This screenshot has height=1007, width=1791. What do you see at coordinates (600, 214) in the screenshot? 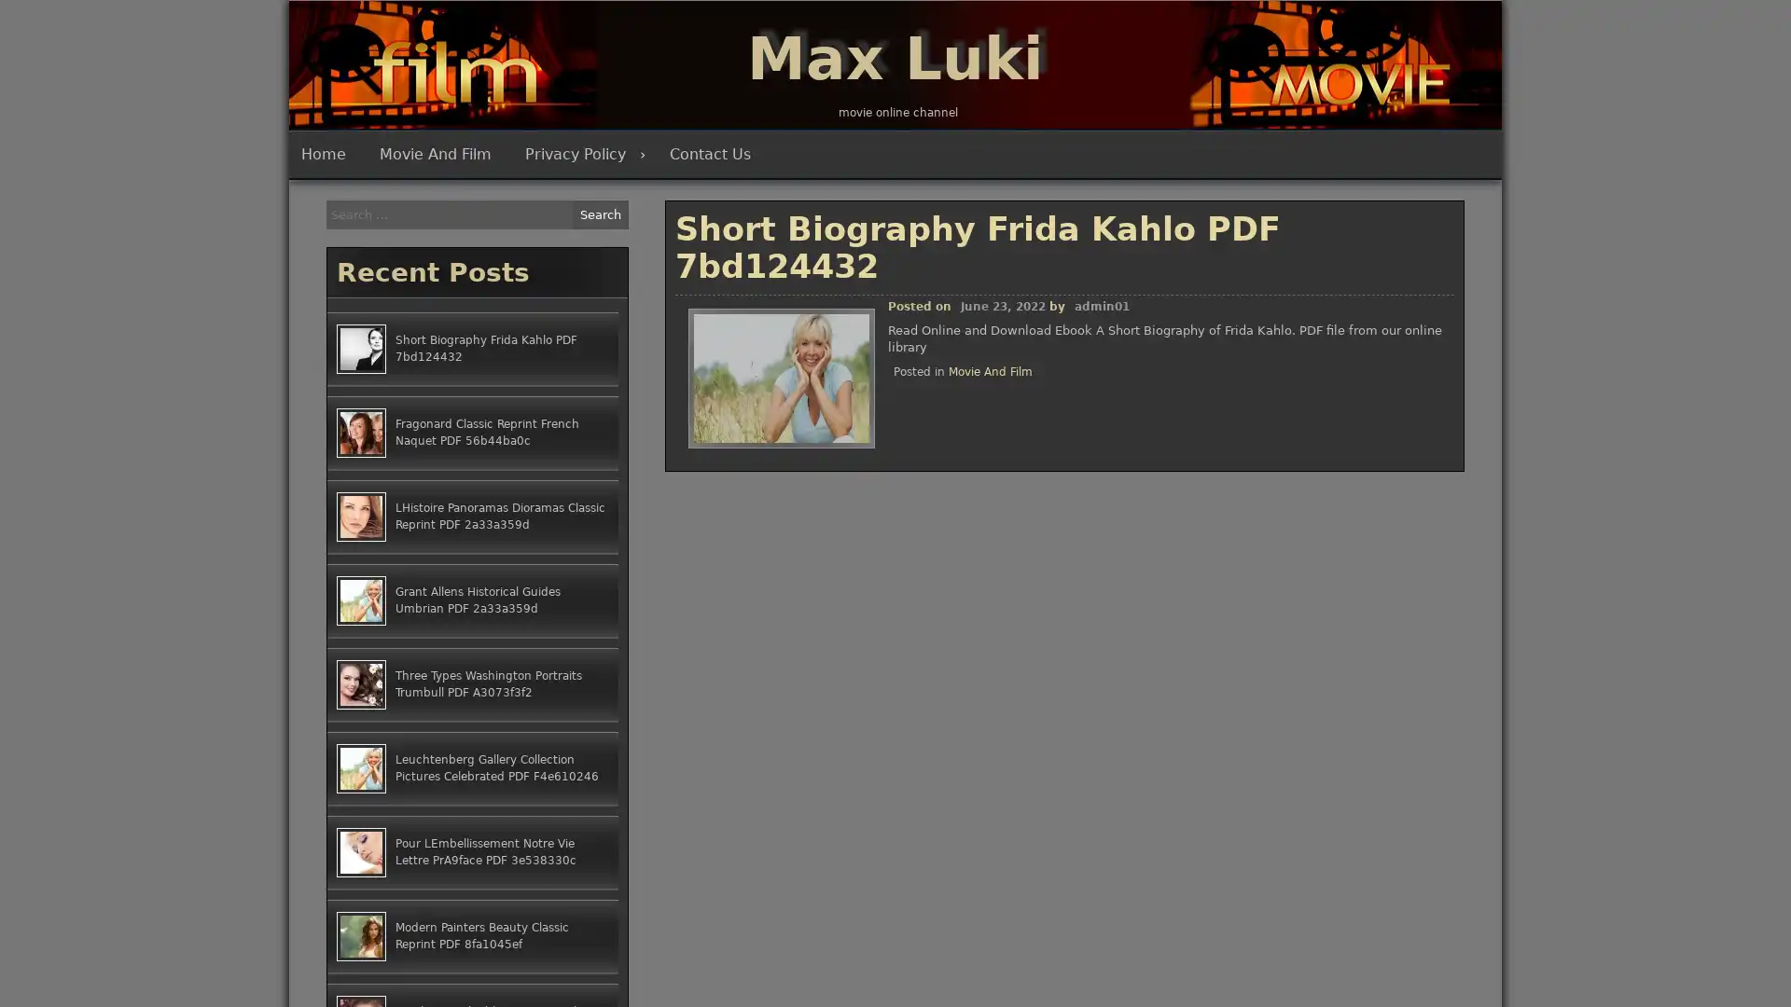
I see `Search` at bounding box center [600, 214].